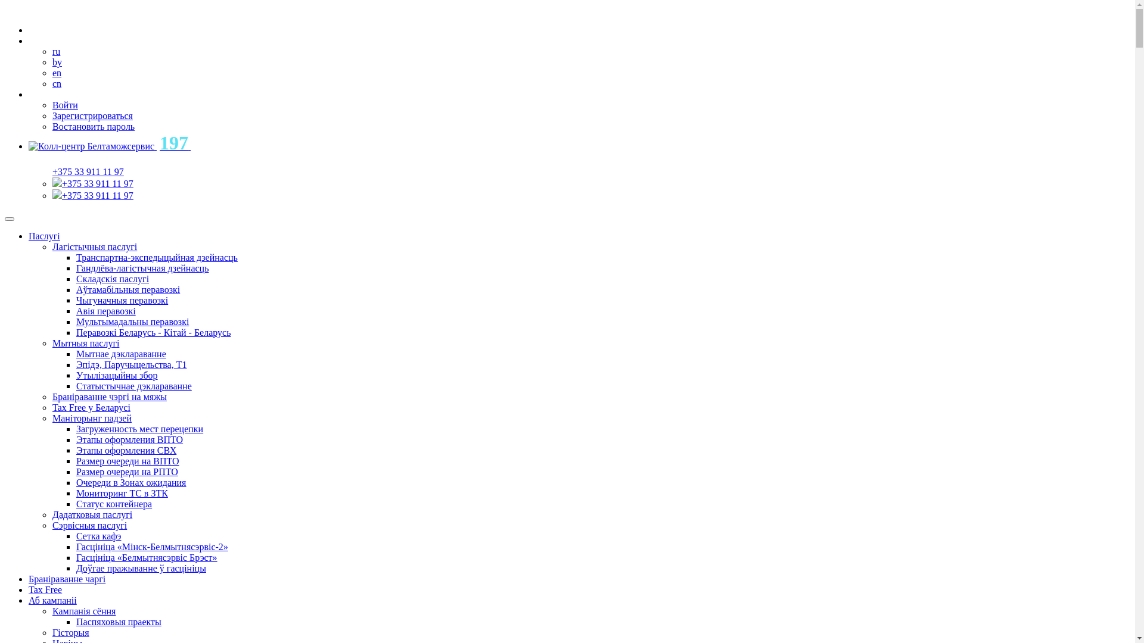 The width and height of the screenshot is (1144, 643). I want to click on 'cn', so click(51, 83).